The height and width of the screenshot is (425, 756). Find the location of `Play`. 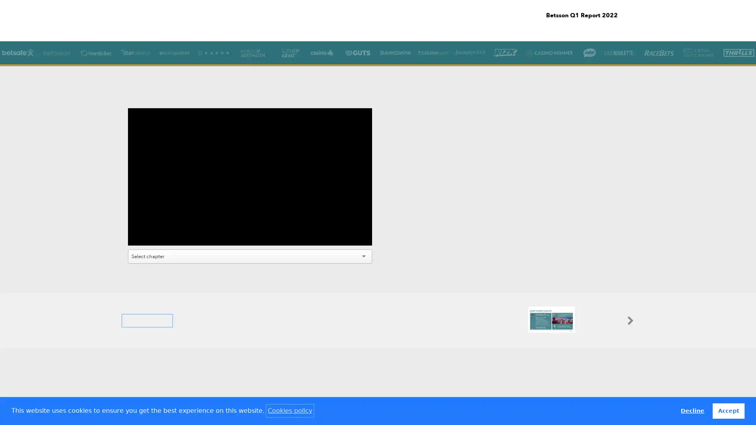

Play is located at coordinates (140, 233).